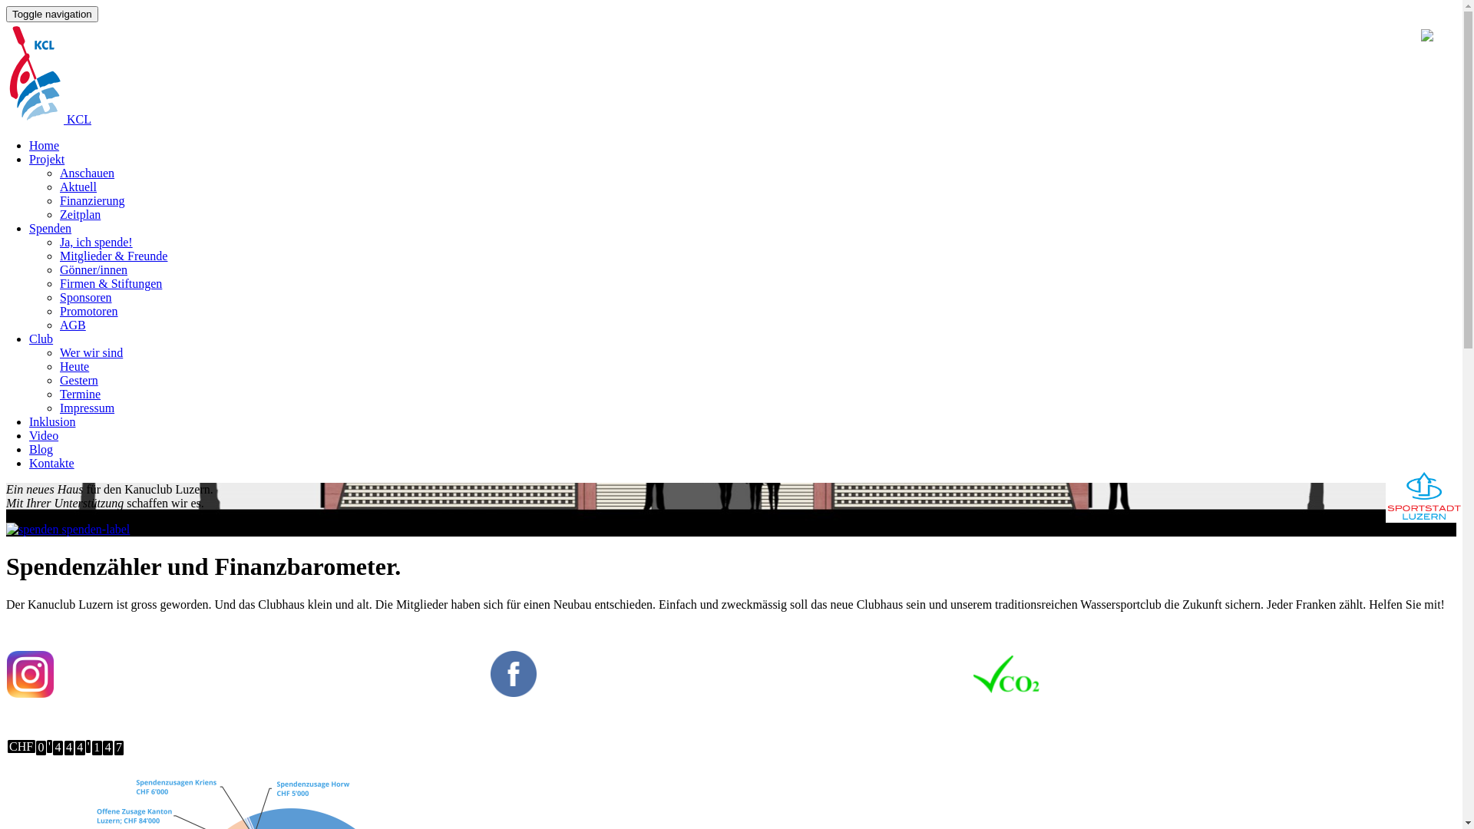 The image size is (1474, 829). What do you see at coordinates (91, 352) in the screenshot?
I see `'Wer wir sind'` at bounding box center [91, 352].